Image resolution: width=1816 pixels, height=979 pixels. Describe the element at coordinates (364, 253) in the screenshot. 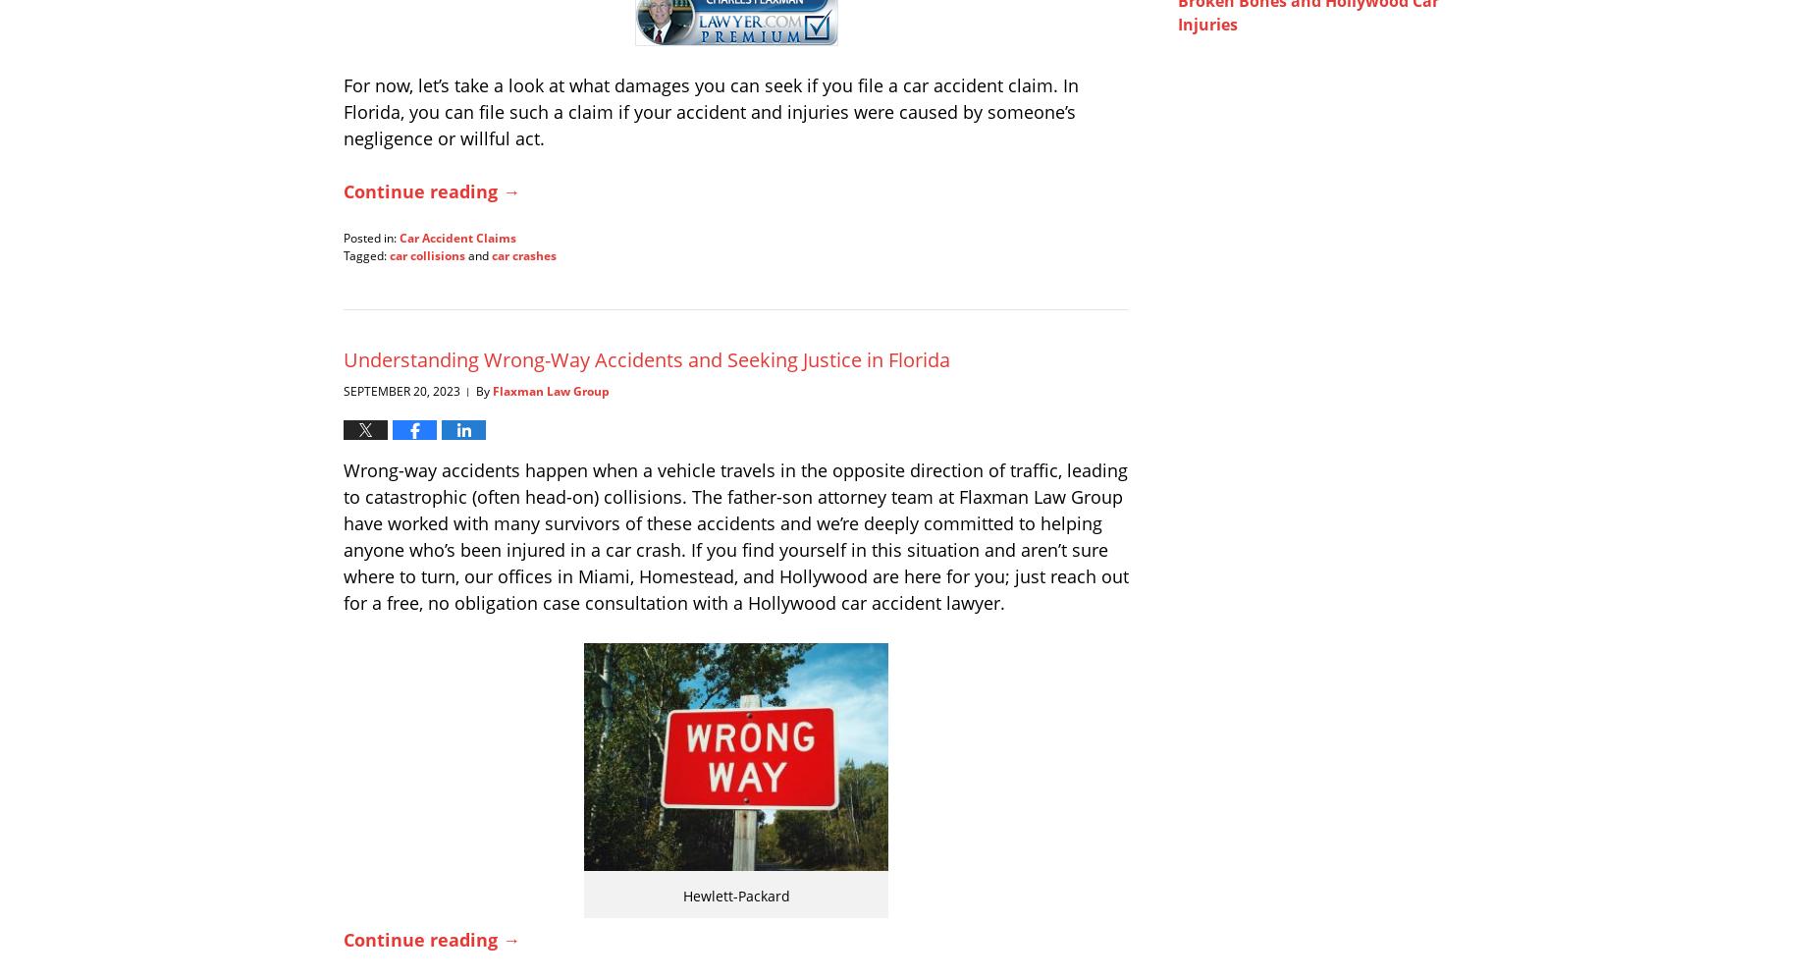

I see `'Tagged:'` at that location.